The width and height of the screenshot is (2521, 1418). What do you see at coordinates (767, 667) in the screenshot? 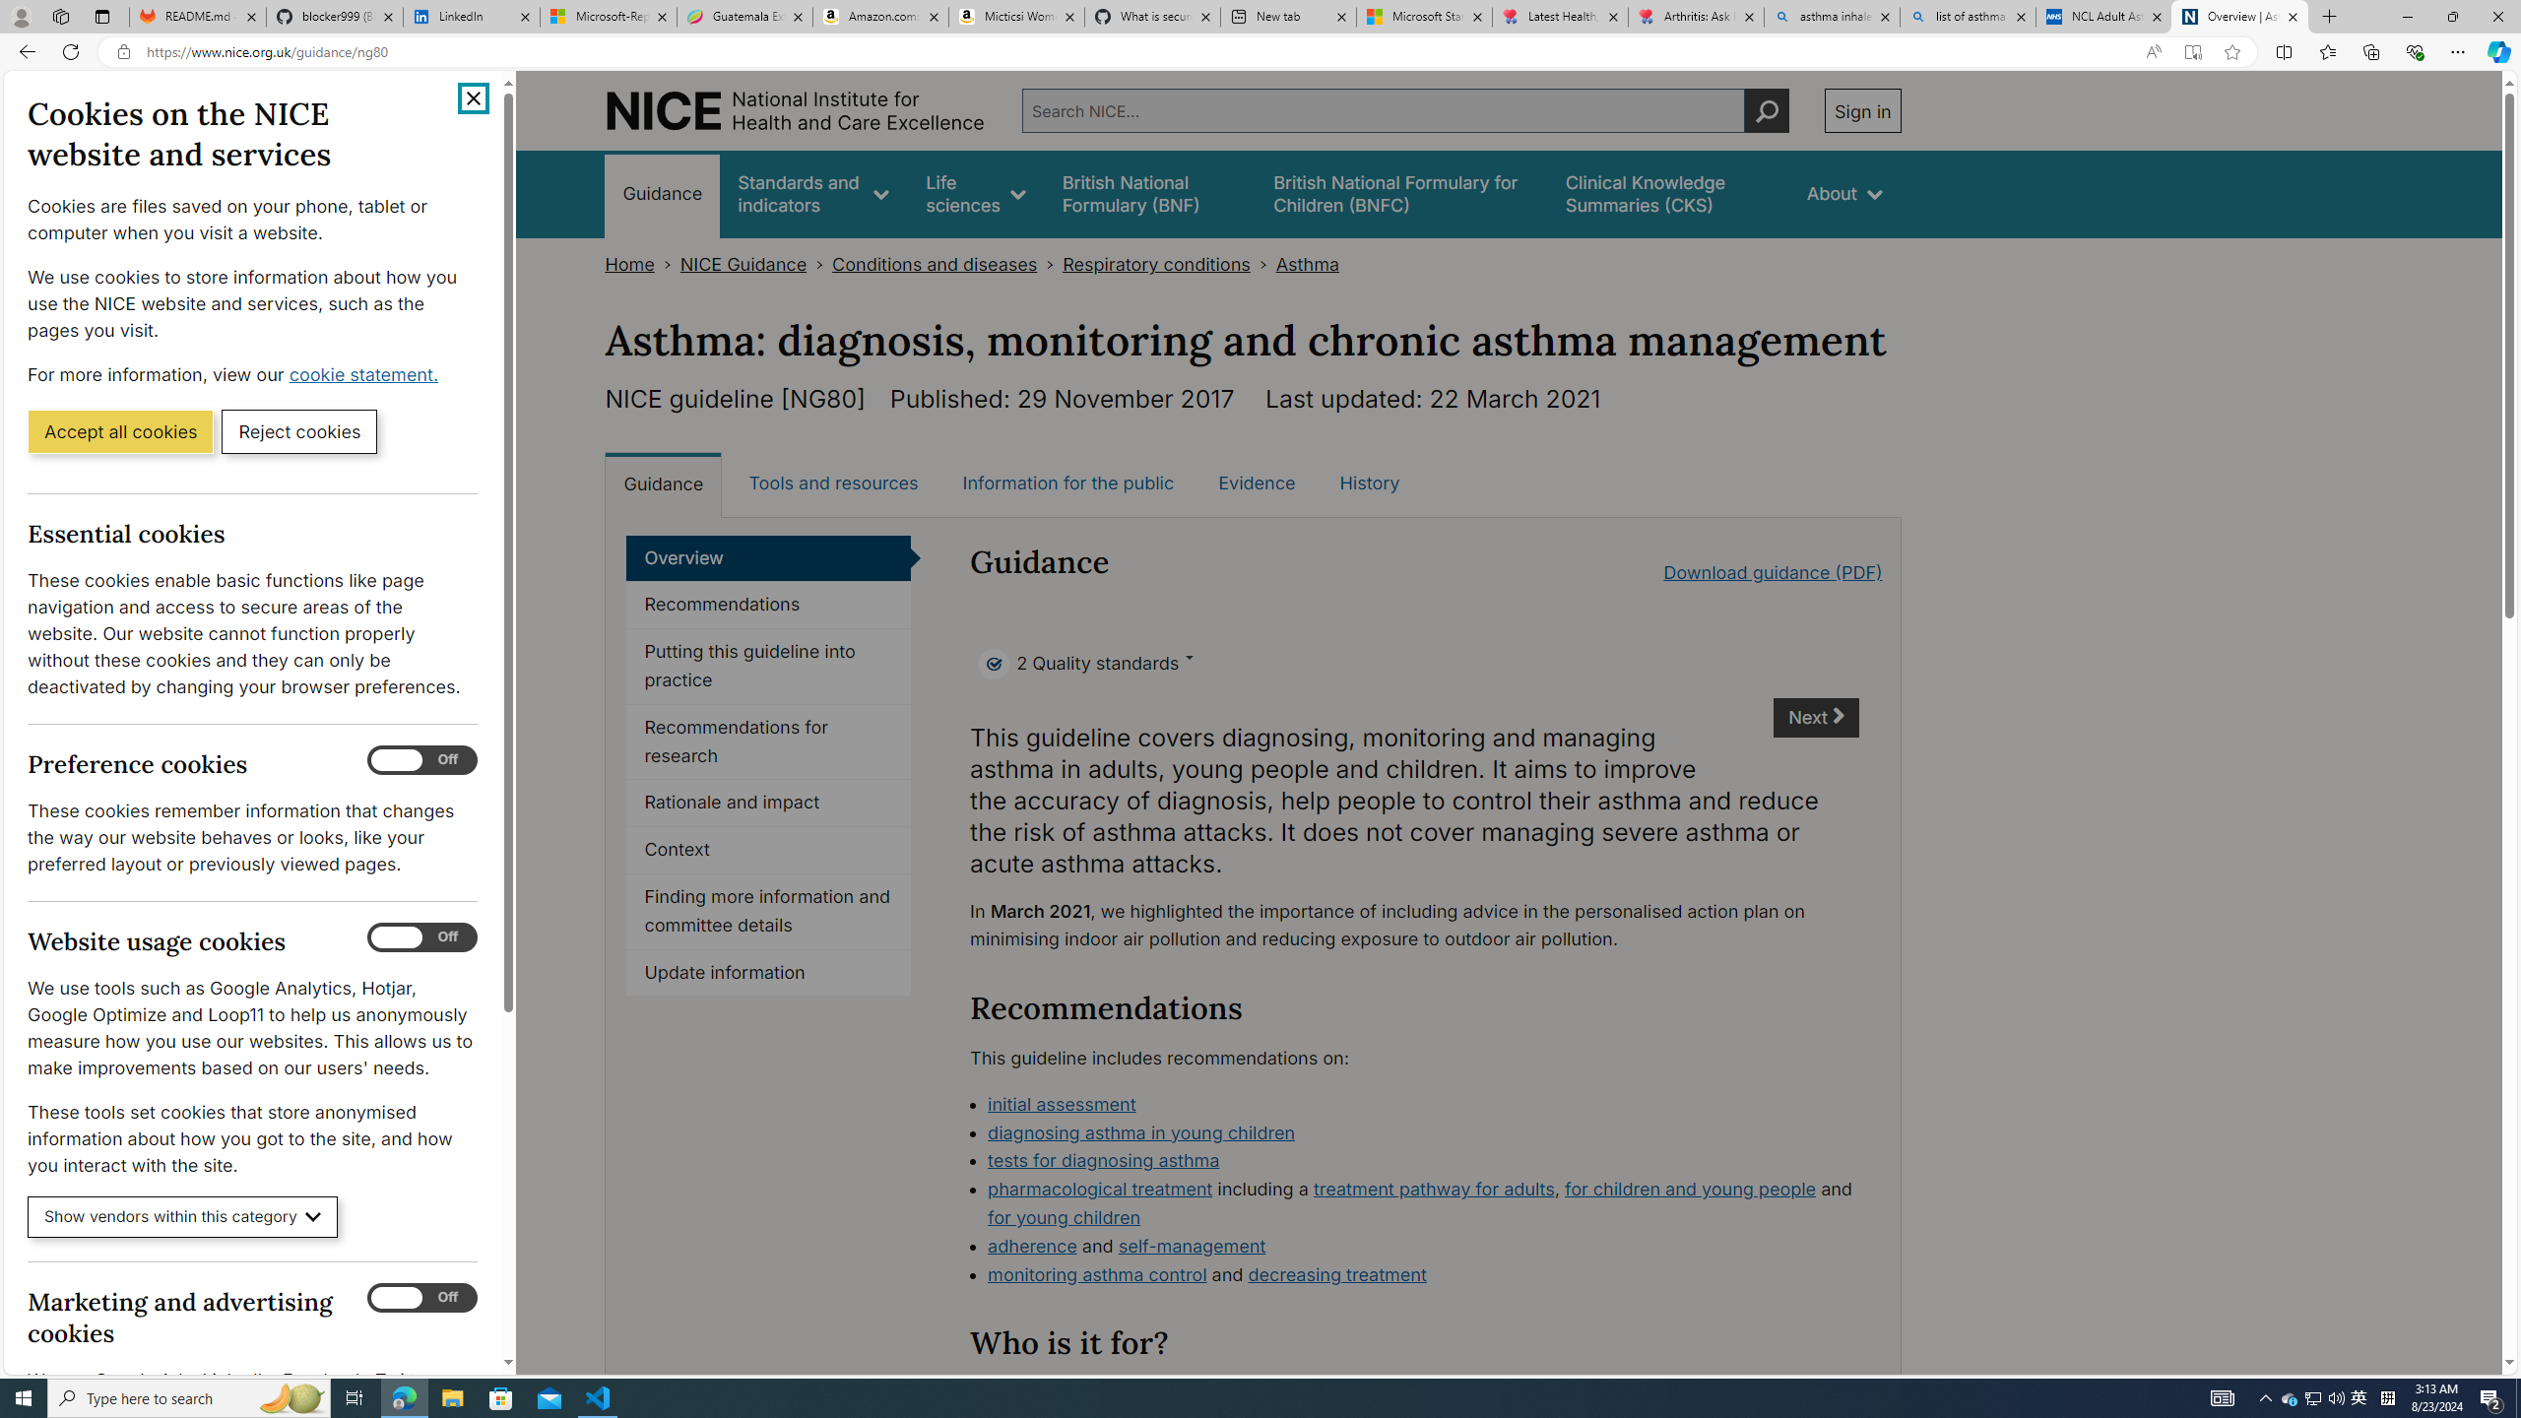
I see `'Putting this guideline into practice'` at bounding box center [767, 667].